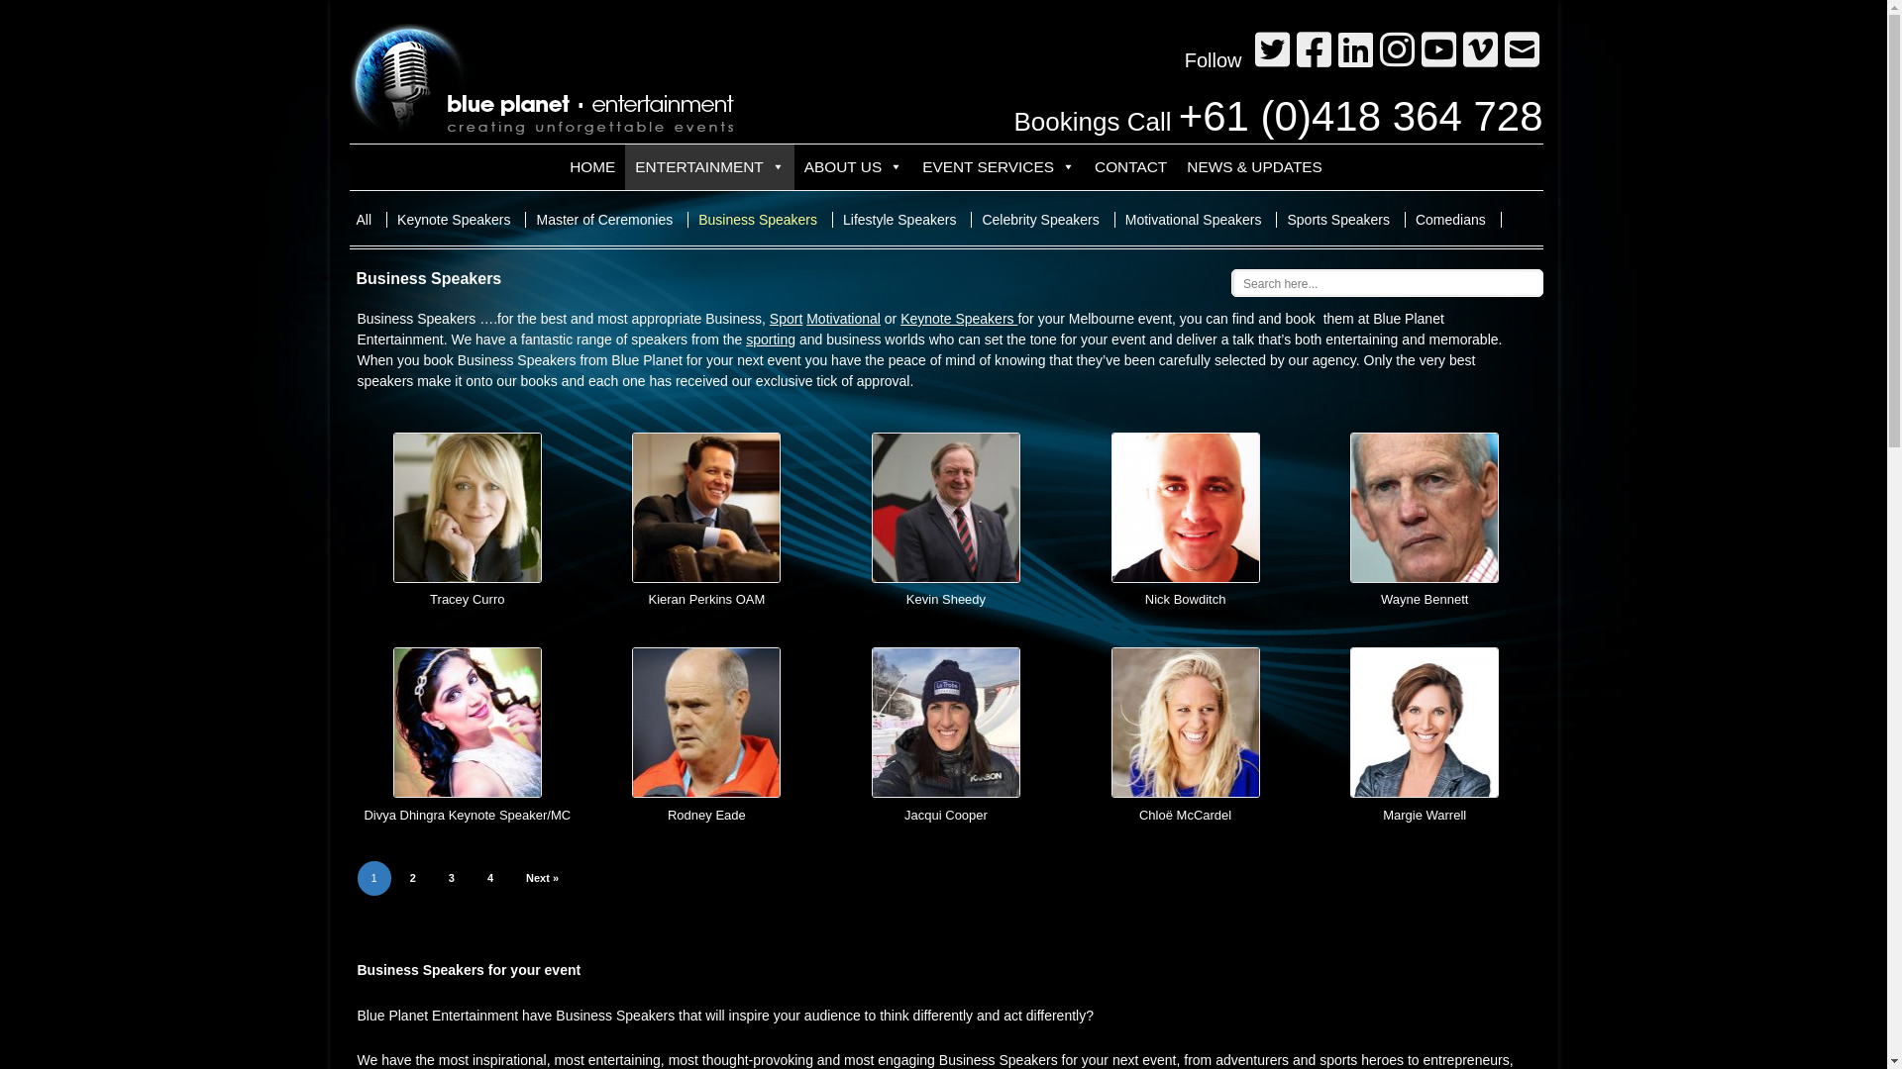 This screenshot has height=1069, width=1902. Describe the element at coordinates (1424, 733) in the screenshot. I see `'Margie Warrell'` at that location.